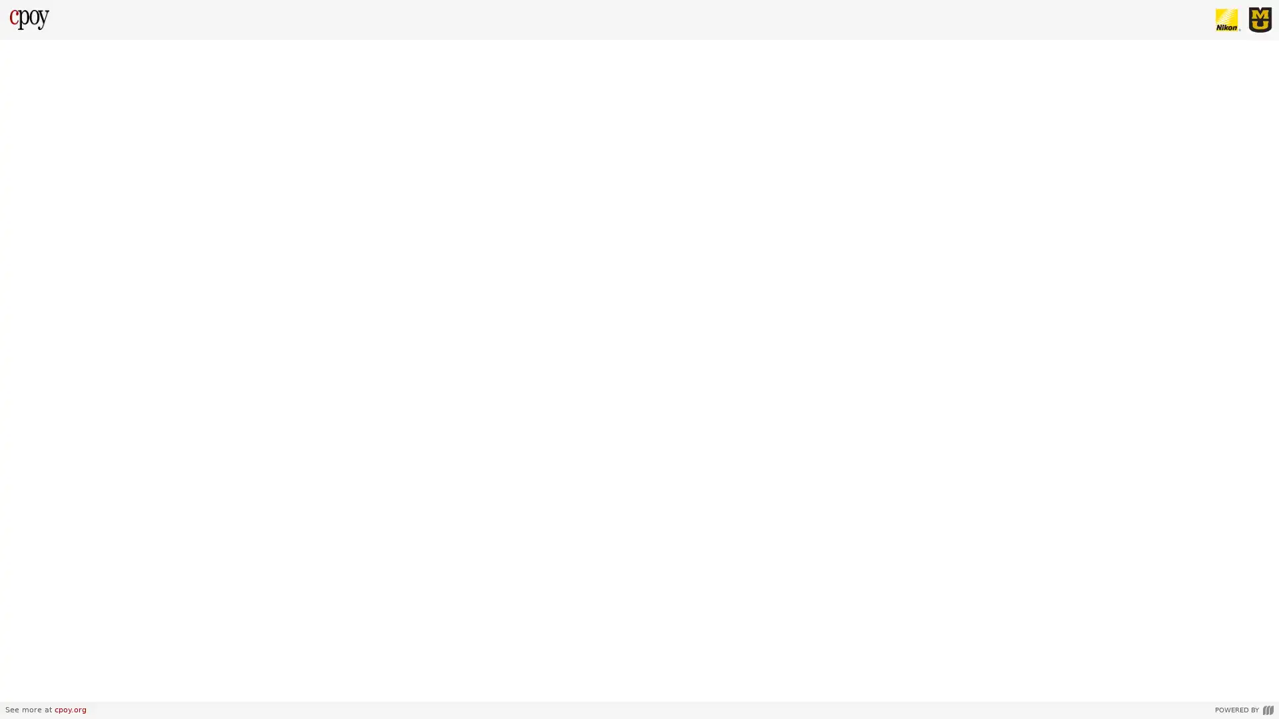  I want to click on MENU, so click(23, 687).